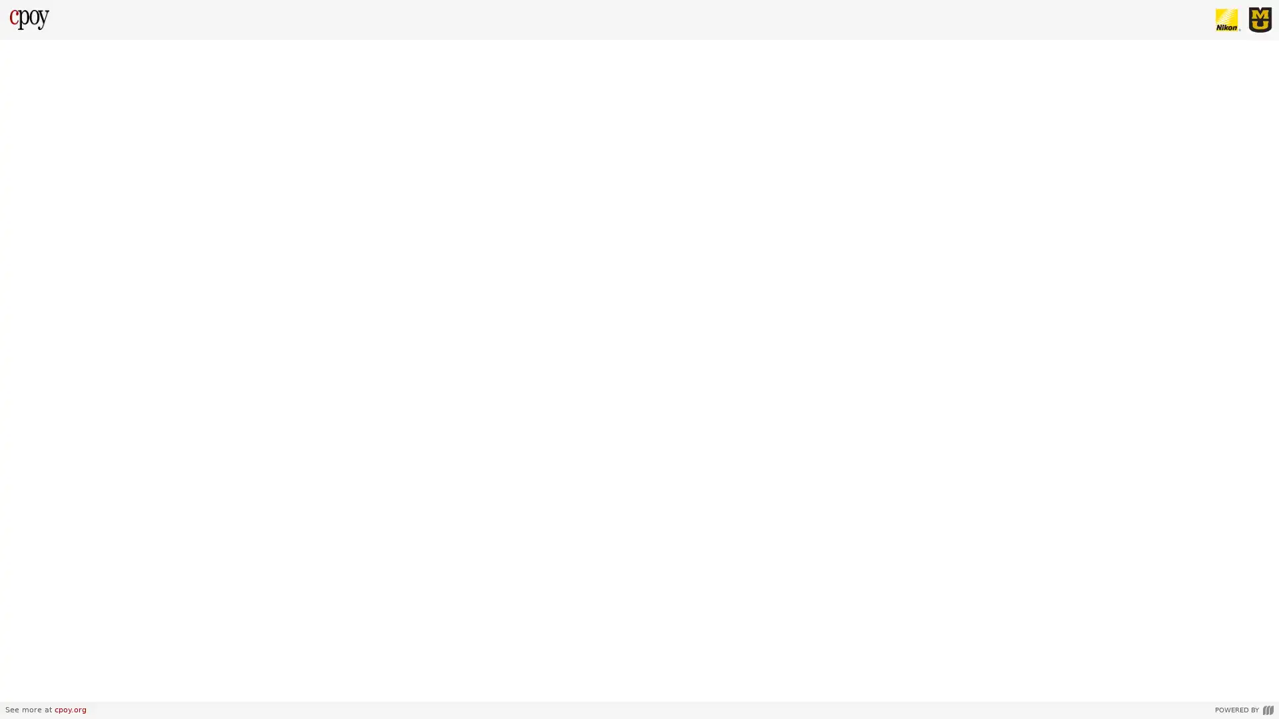  I want to click on MENU, so click(23, 687).